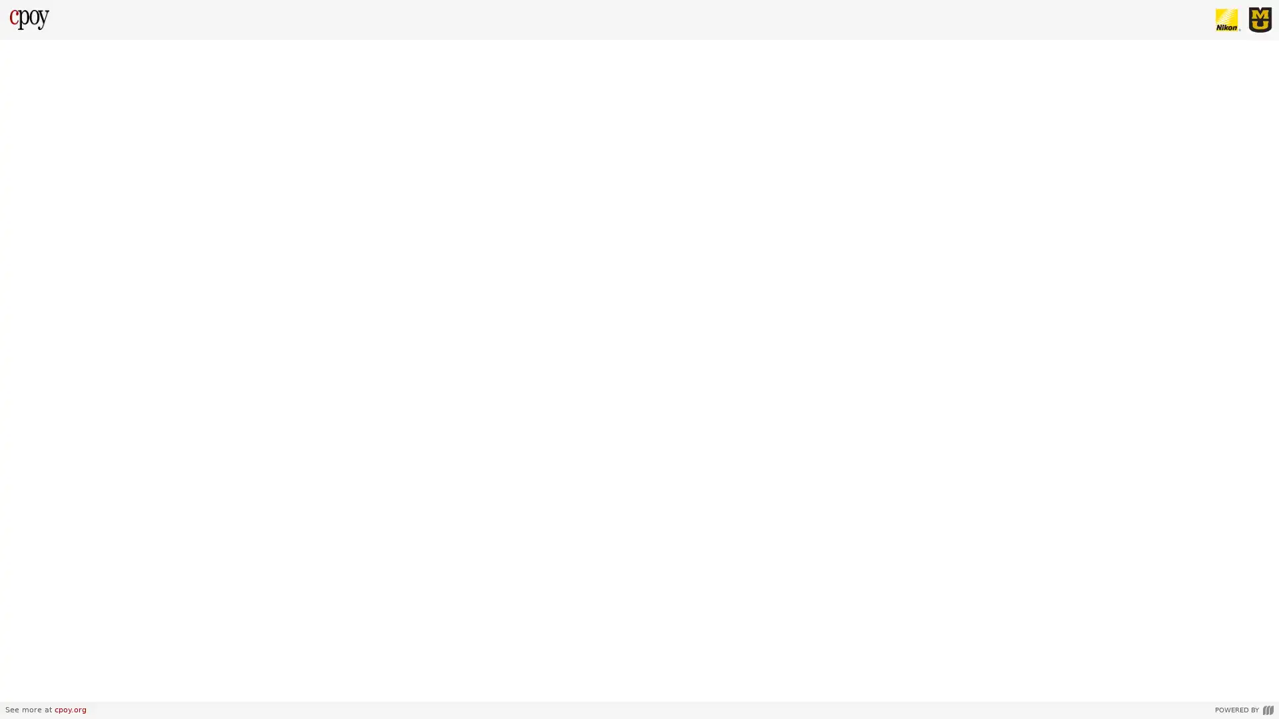  I want to click on MENU, so click(23, 687).